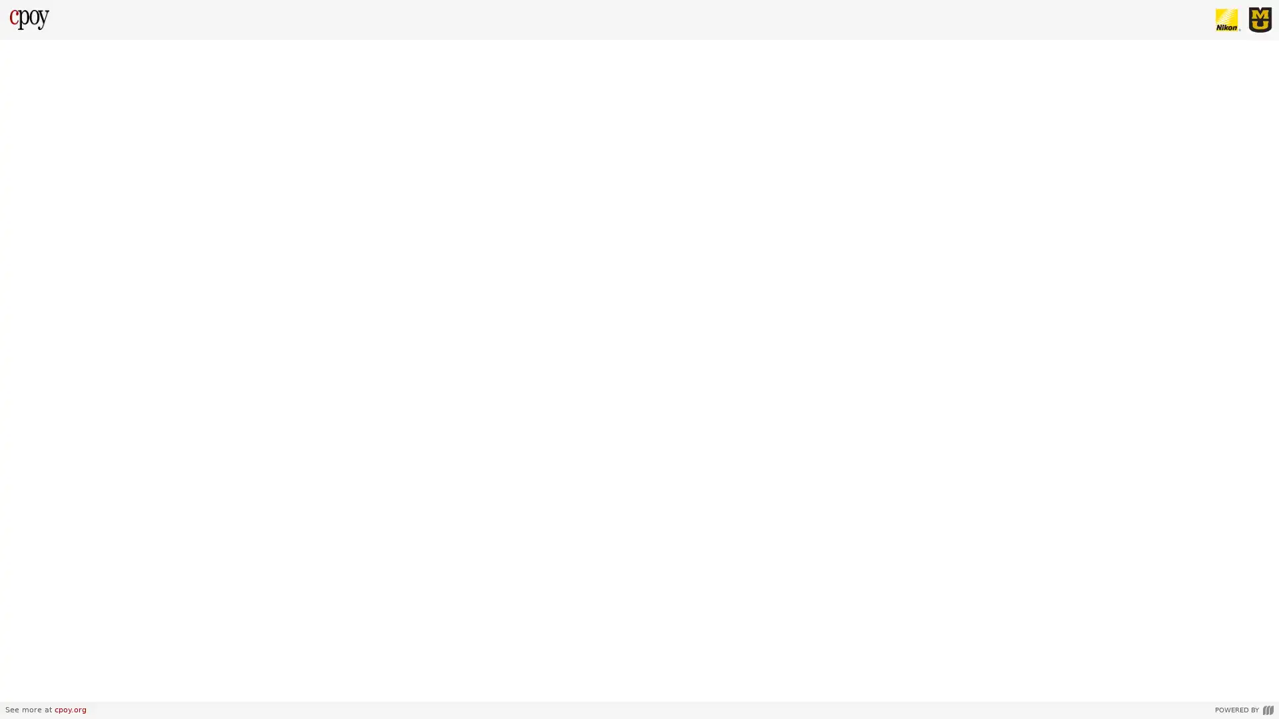  I want to click on MENU, so click(23, 687).